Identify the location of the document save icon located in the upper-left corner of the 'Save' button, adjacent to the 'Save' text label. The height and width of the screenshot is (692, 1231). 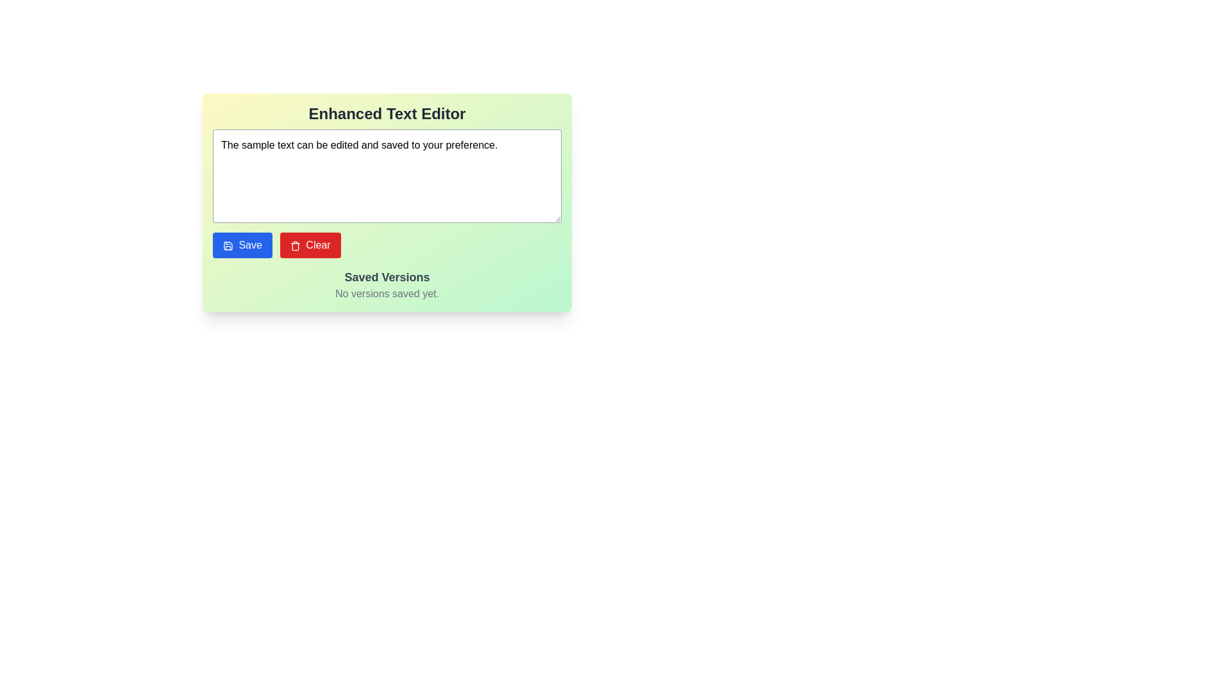
(228, 245).